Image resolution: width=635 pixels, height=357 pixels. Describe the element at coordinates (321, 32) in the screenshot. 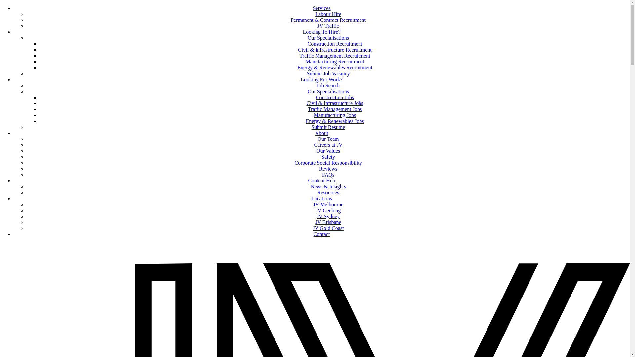

I see `'Looking To Hire?'` at that location.